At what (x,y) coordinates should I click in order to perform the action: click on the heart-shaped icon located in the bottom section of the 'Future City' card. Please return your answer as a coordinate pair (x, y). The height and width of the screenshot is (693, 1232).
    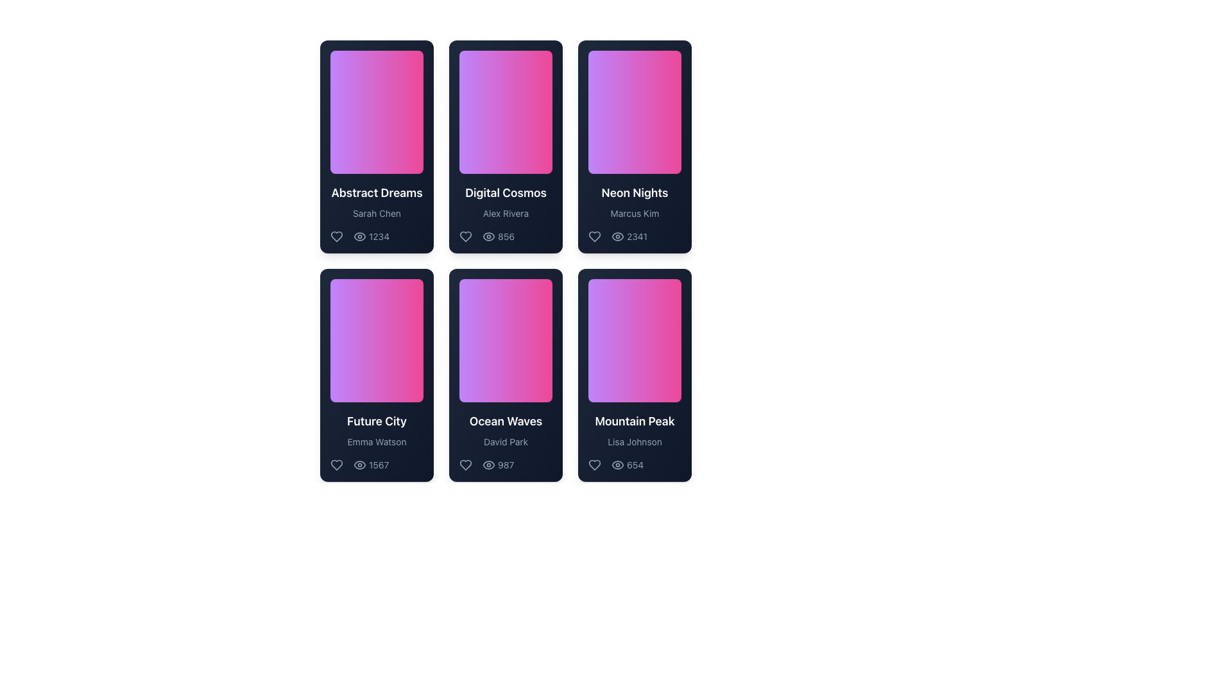
    Looking at the image, I should click on (336, 465).